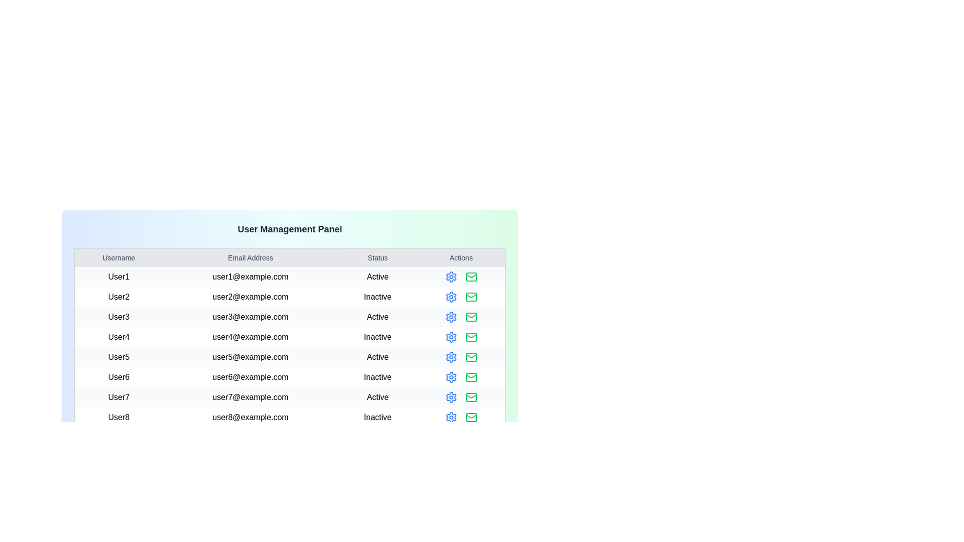 This screenshot has height=542, width=964. Describe the element at coordinates (470, 418) in the screenshot. I see `the mail icon for the user identified by User8` at that location.